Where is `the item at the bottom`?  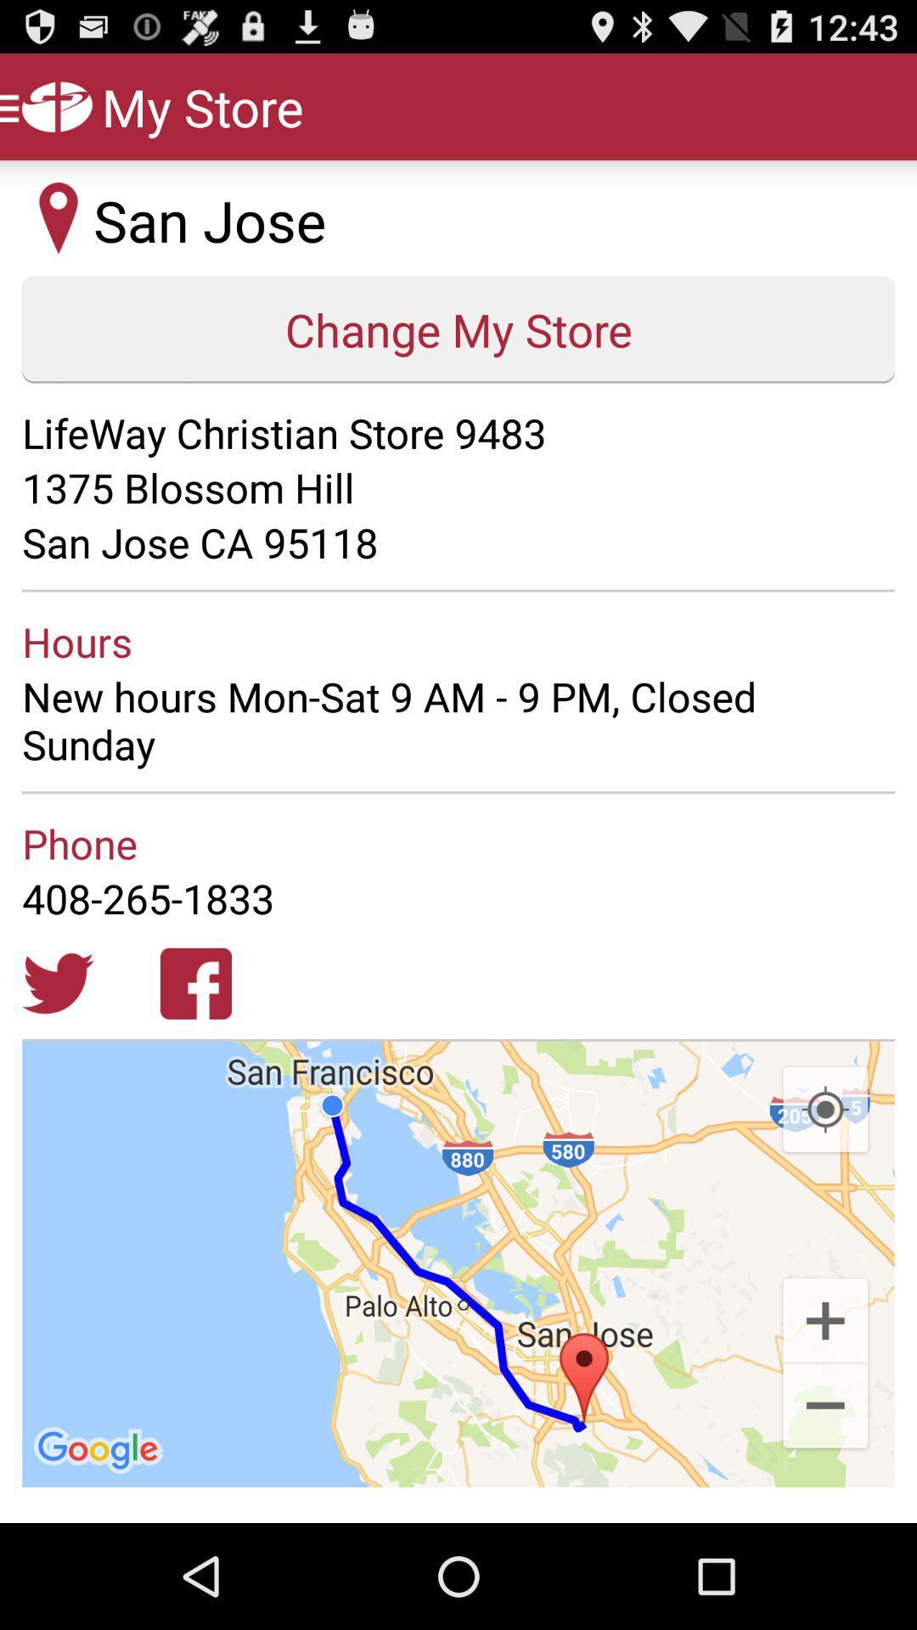 the item at the bottom is located at coordinates (458, 1264).